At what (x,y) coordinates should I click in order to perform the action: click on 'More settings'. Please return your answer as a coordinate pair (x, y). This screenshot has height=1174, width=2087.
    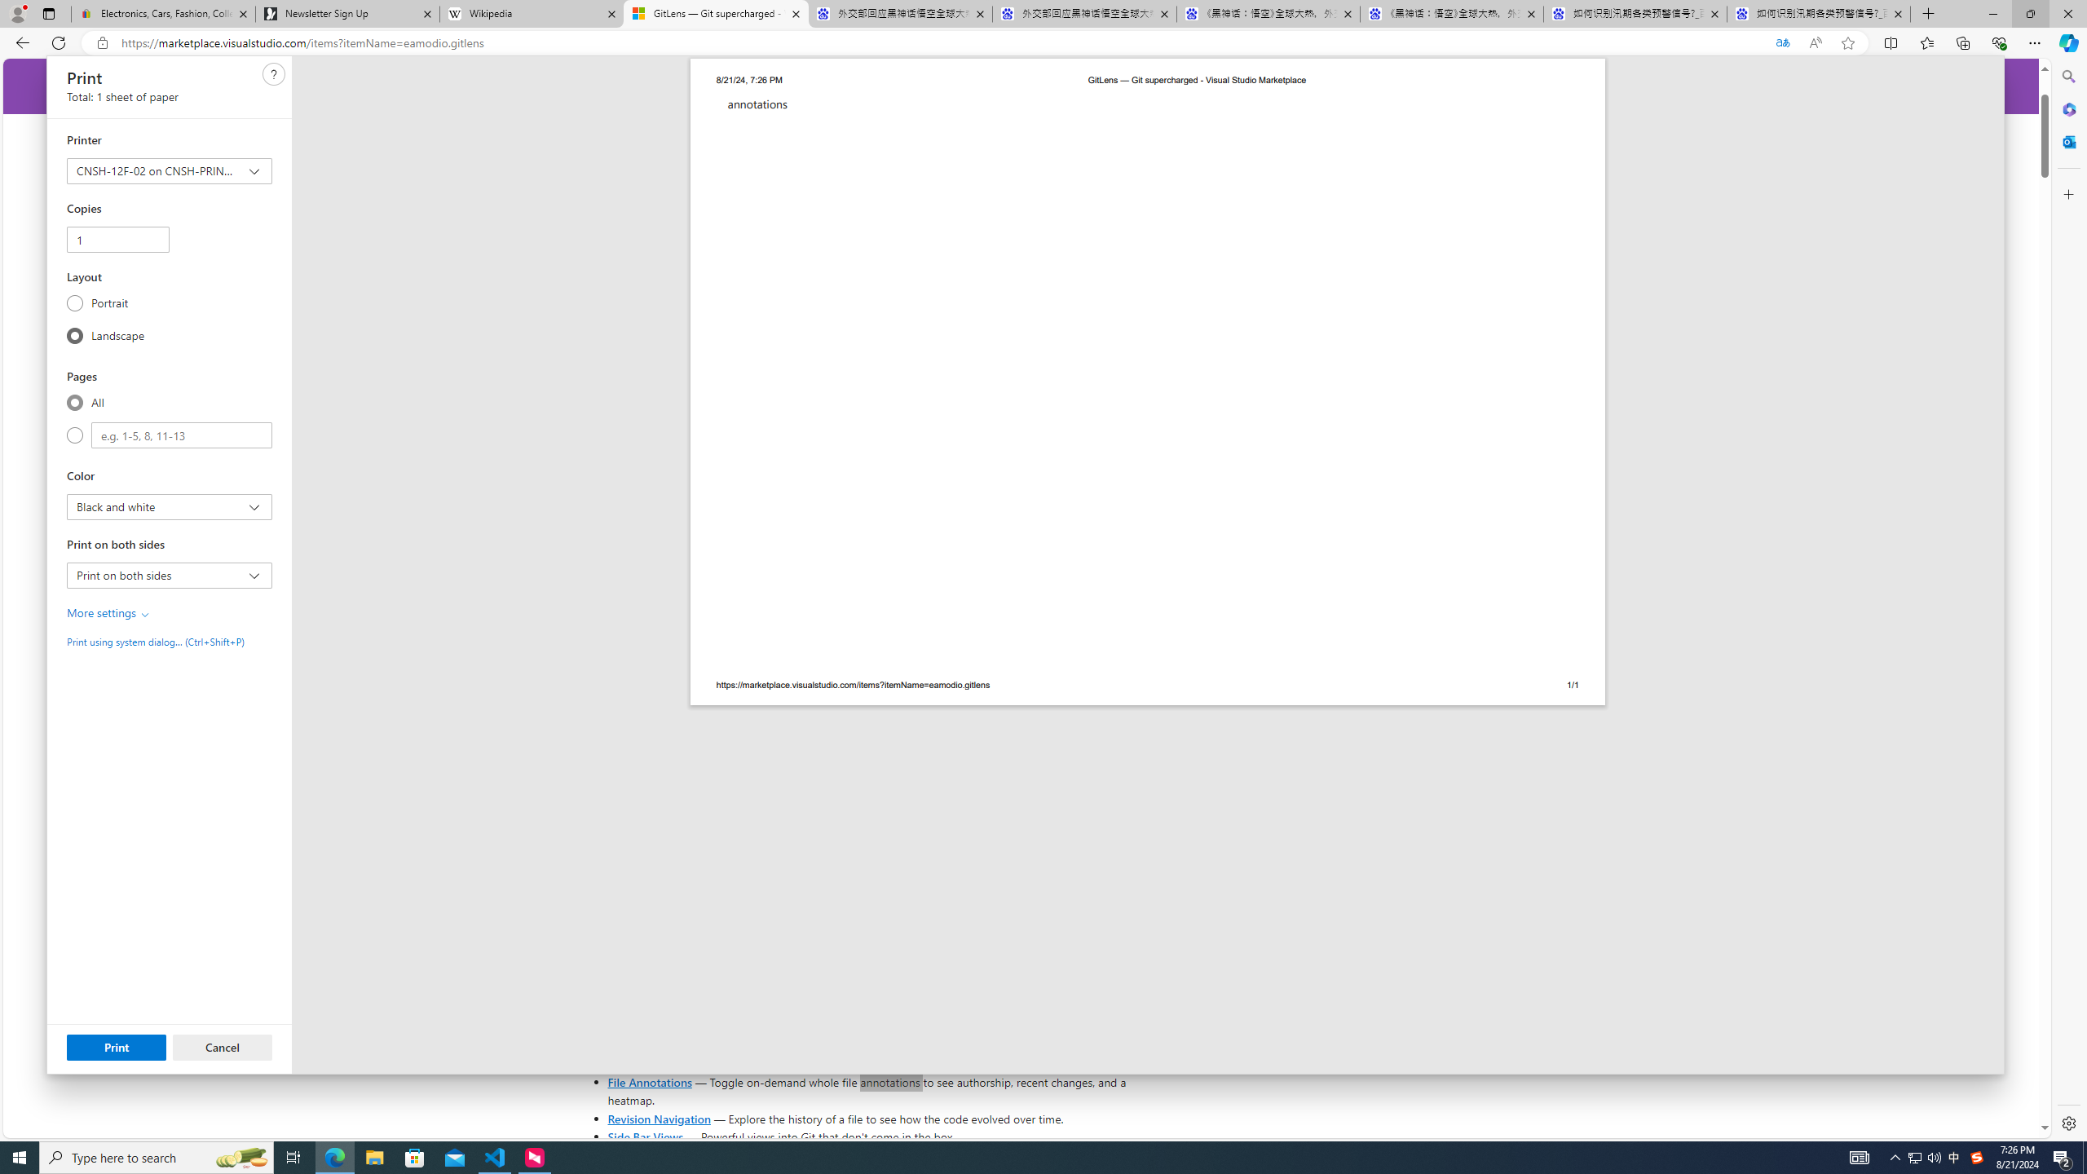
    Looking at the image, I should click on (109, 612).